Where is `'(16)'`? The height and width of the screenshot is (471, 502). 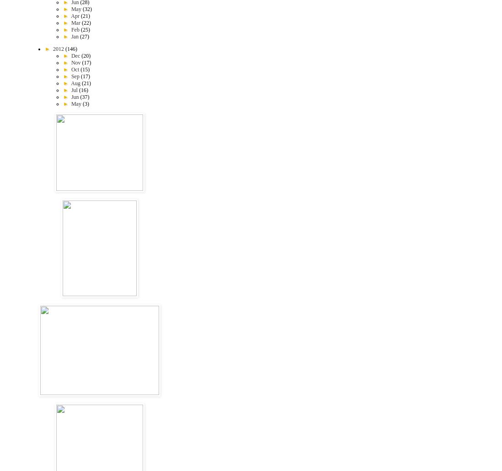
'(16)' is located at coordinates (78, 90).